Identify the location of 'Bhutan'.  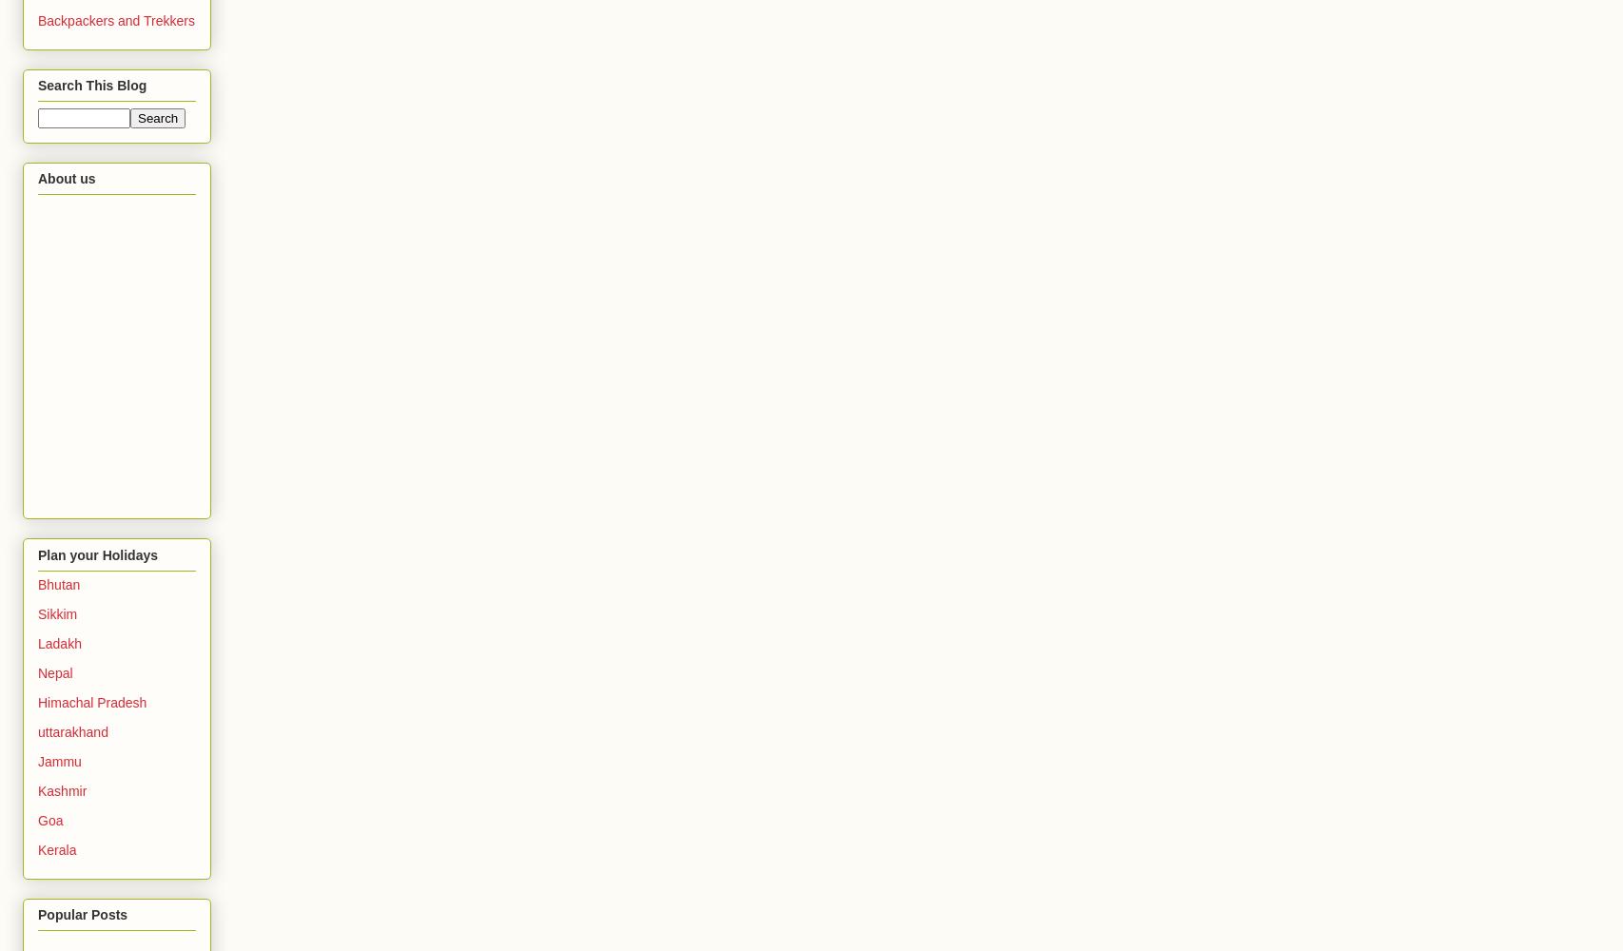
(37, 583).